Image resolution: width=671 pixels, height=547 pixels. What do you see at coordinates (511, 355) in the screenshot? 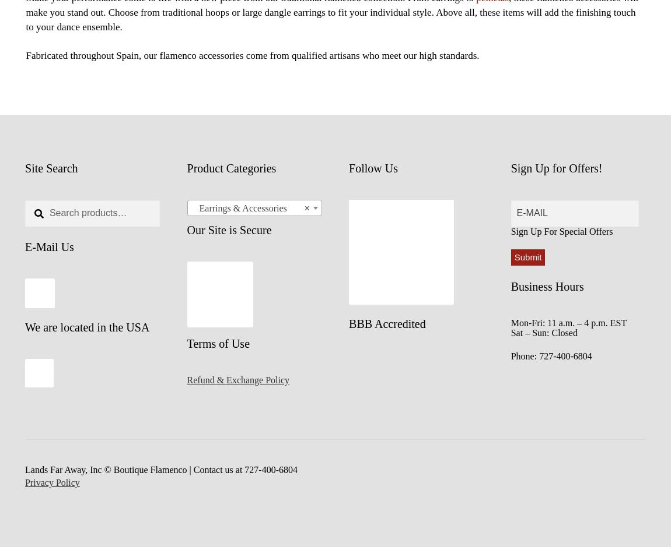
I see `'Phone: 727-400-6804'` at bounding box center [511, 355].